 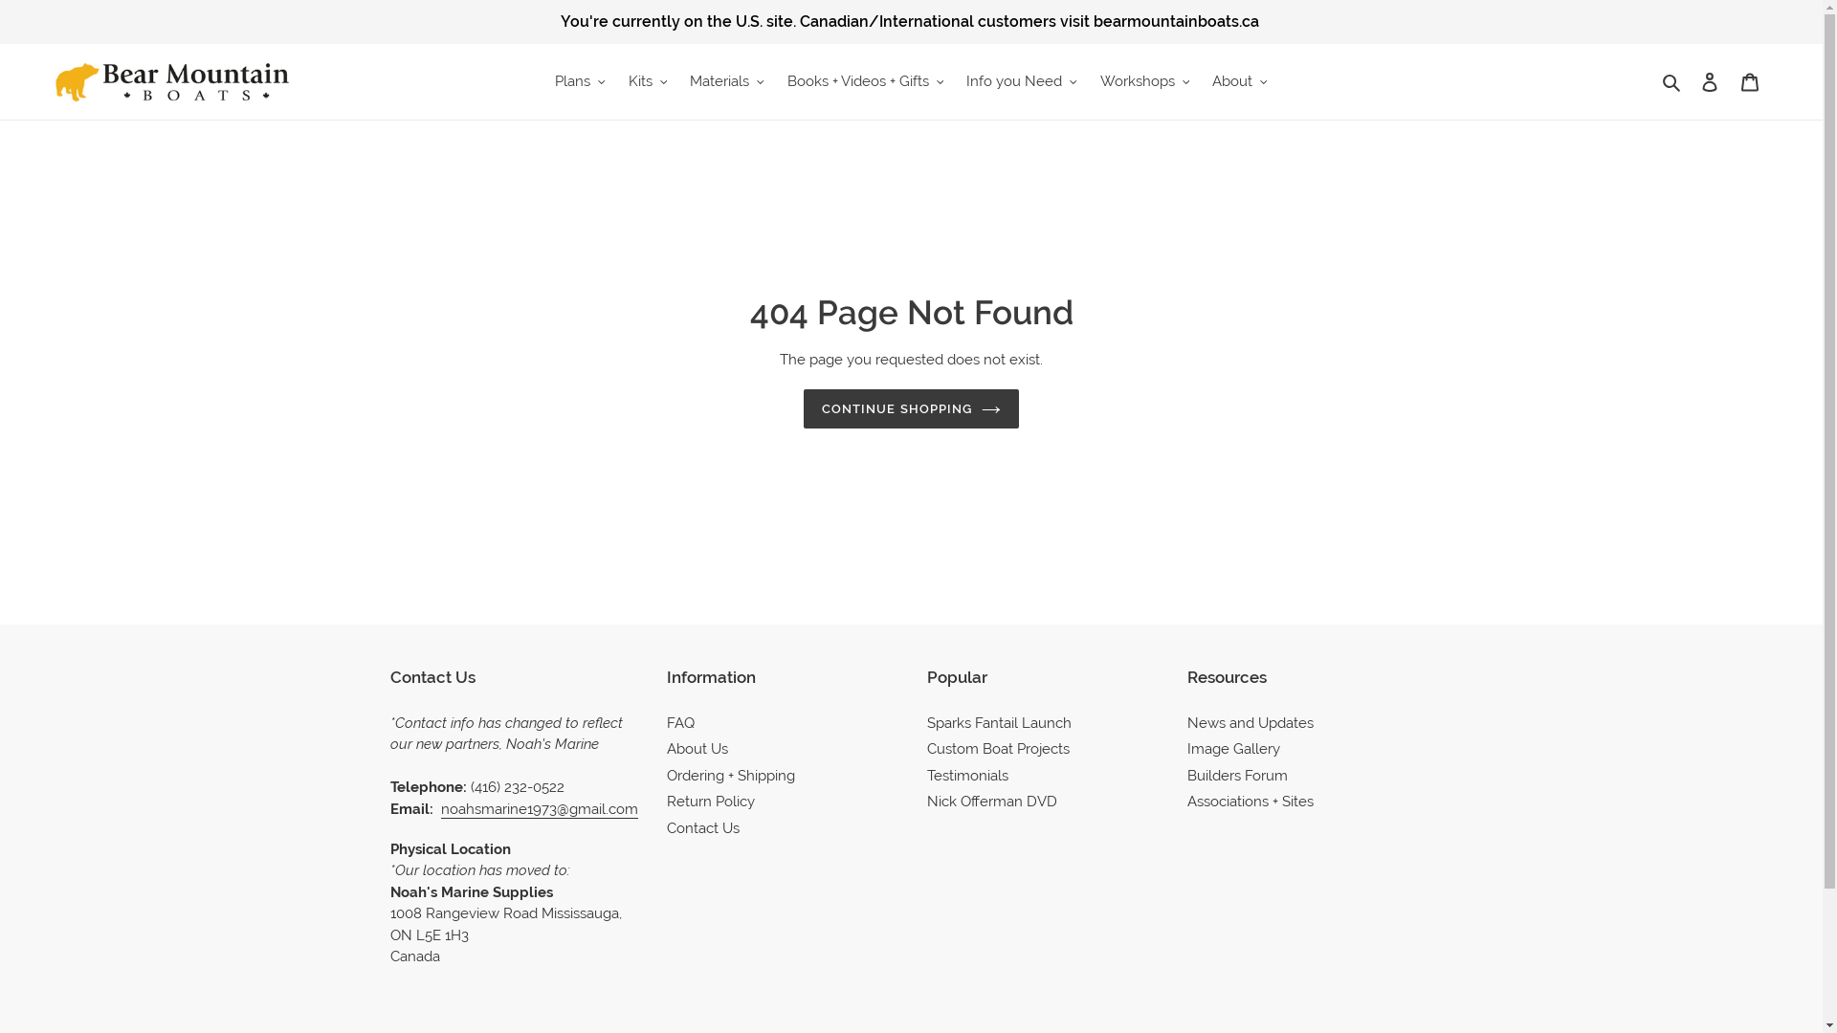 I want to click on 'noahsmarine1973@gmail.com', so click(x=439, y=809).